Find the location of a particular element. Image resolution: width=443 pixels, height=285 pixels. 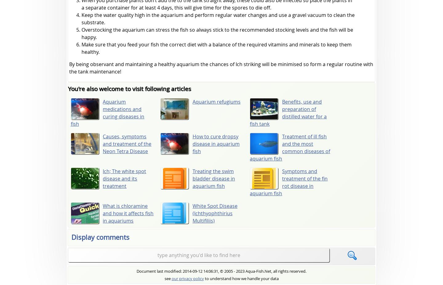

'Aquarium refugiums' is located at coordinates (216, 101).